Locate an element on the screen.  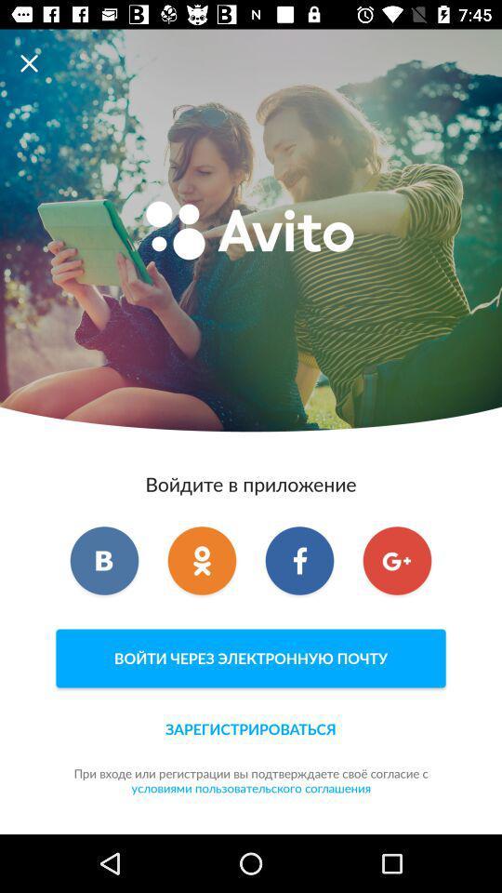
the facebook icon is located at coordinates (299, 559).